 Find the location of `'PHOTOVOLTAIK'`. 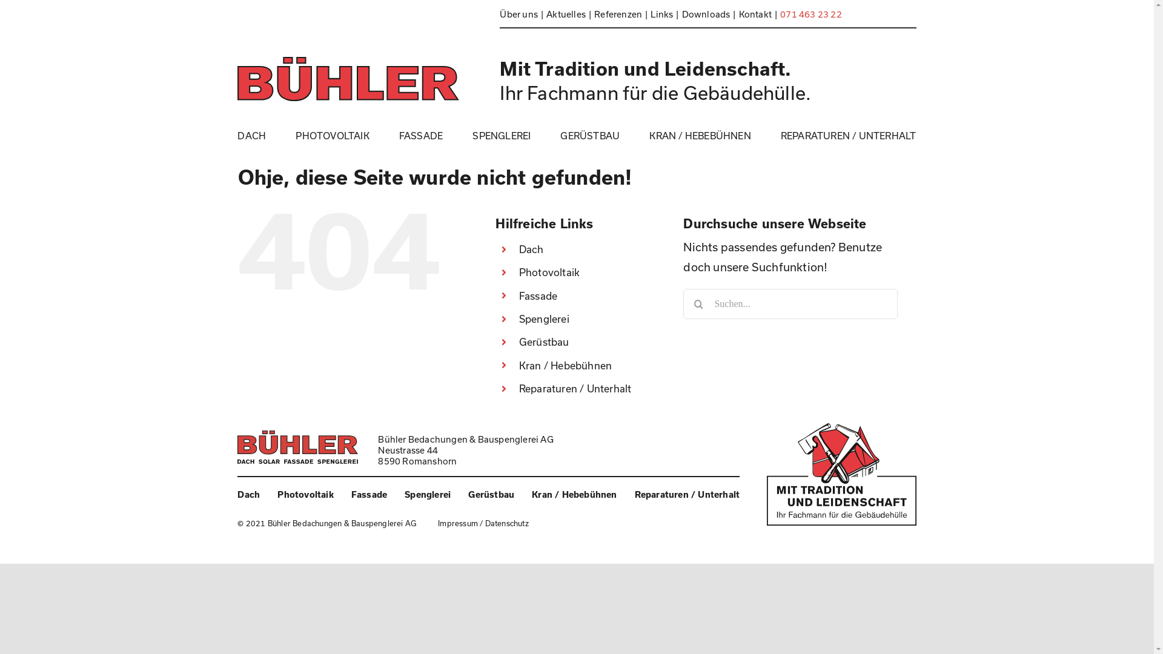

'PHOTOVOLTAIK' is located at coordinates (332, 135).